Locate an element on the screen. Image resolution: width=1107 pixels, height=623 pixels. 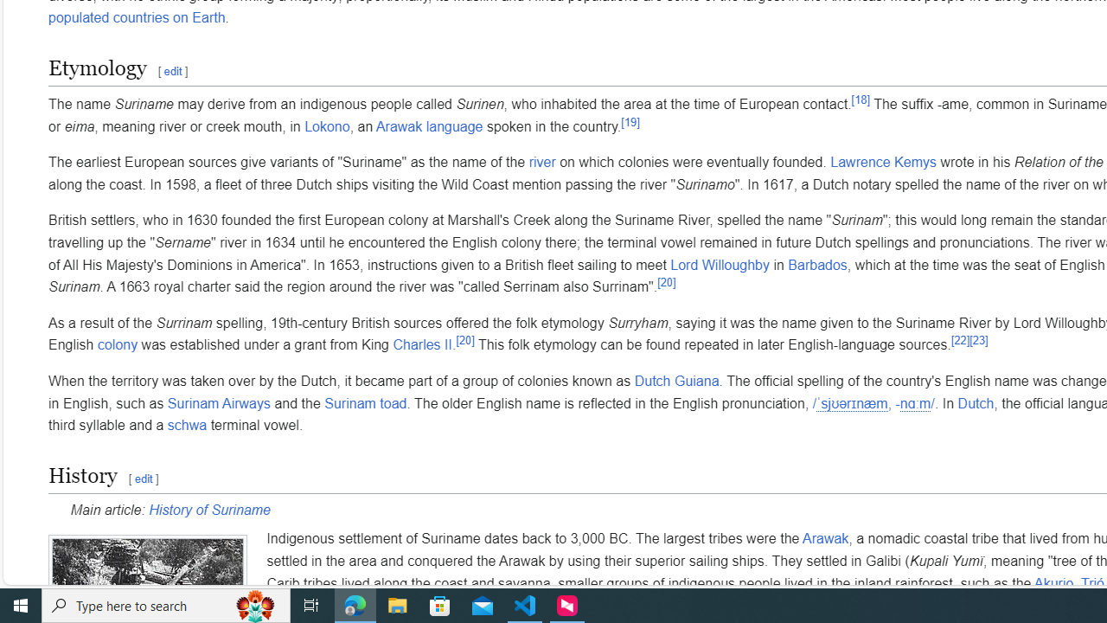
'Barbados' is located at coordinates (816, 265).